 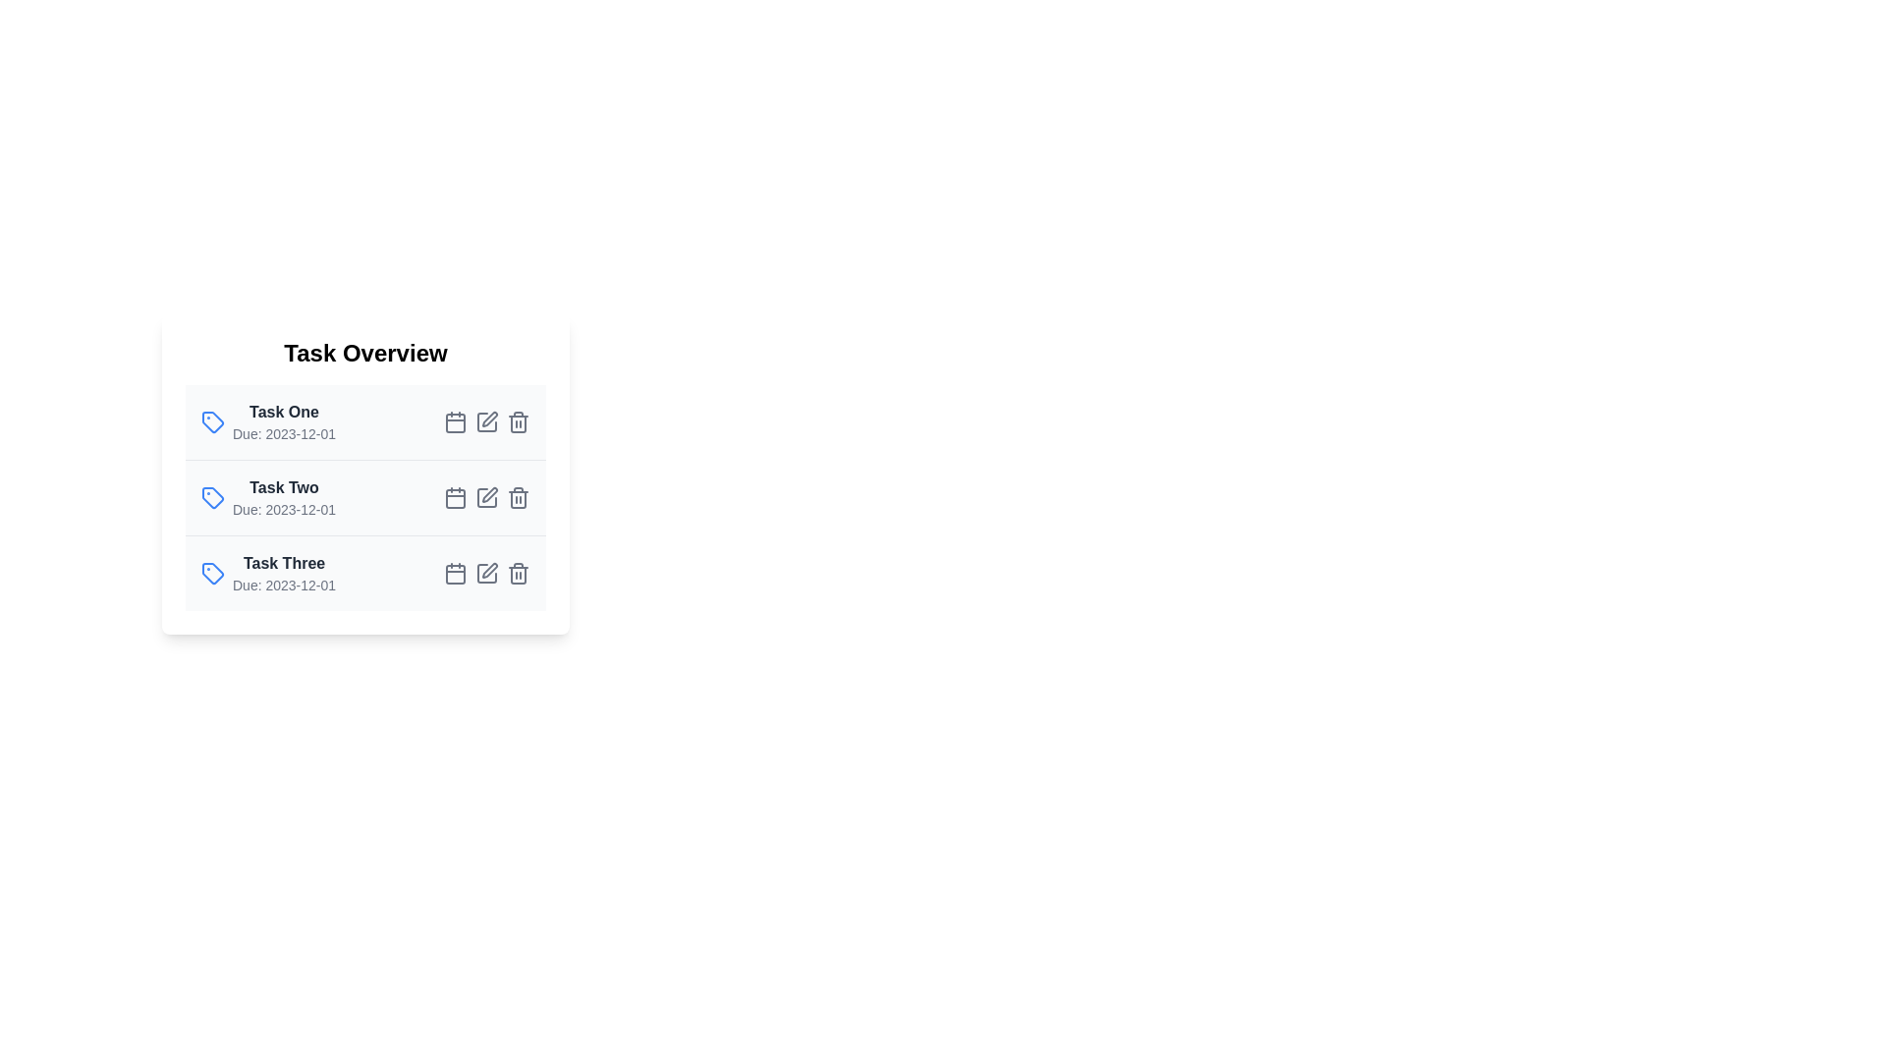 I want to click on the icon representing the tag for 'Task Two', located at the start of the second row of tasks, so click(x=212, y=496).